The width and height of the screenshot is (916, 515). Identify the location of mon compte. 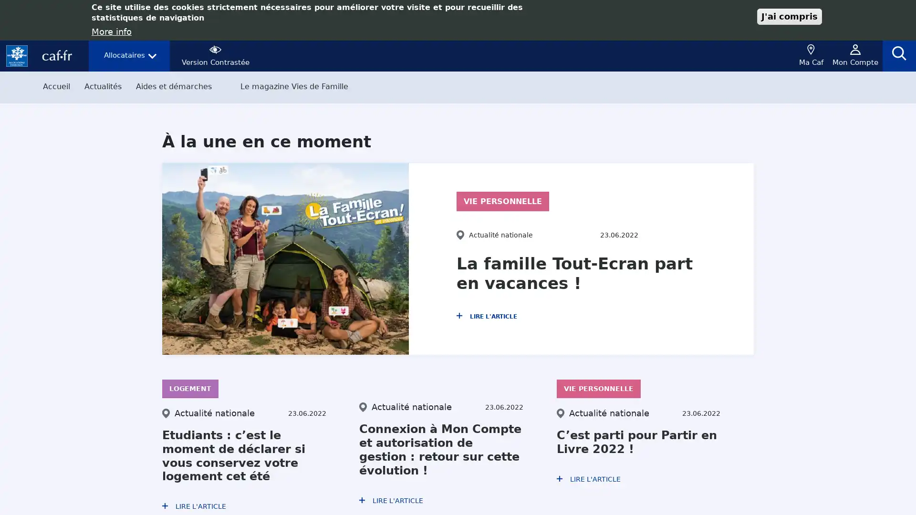
(855, 55).